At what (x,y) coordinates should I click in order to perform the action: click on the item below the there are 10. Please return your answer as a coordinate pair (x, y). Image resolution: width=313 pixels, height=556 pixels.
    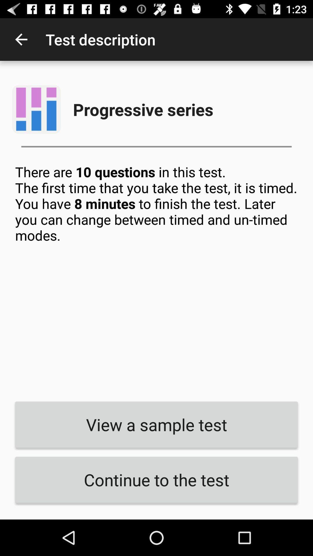
    Looking at the image, I should click on (156, 425).